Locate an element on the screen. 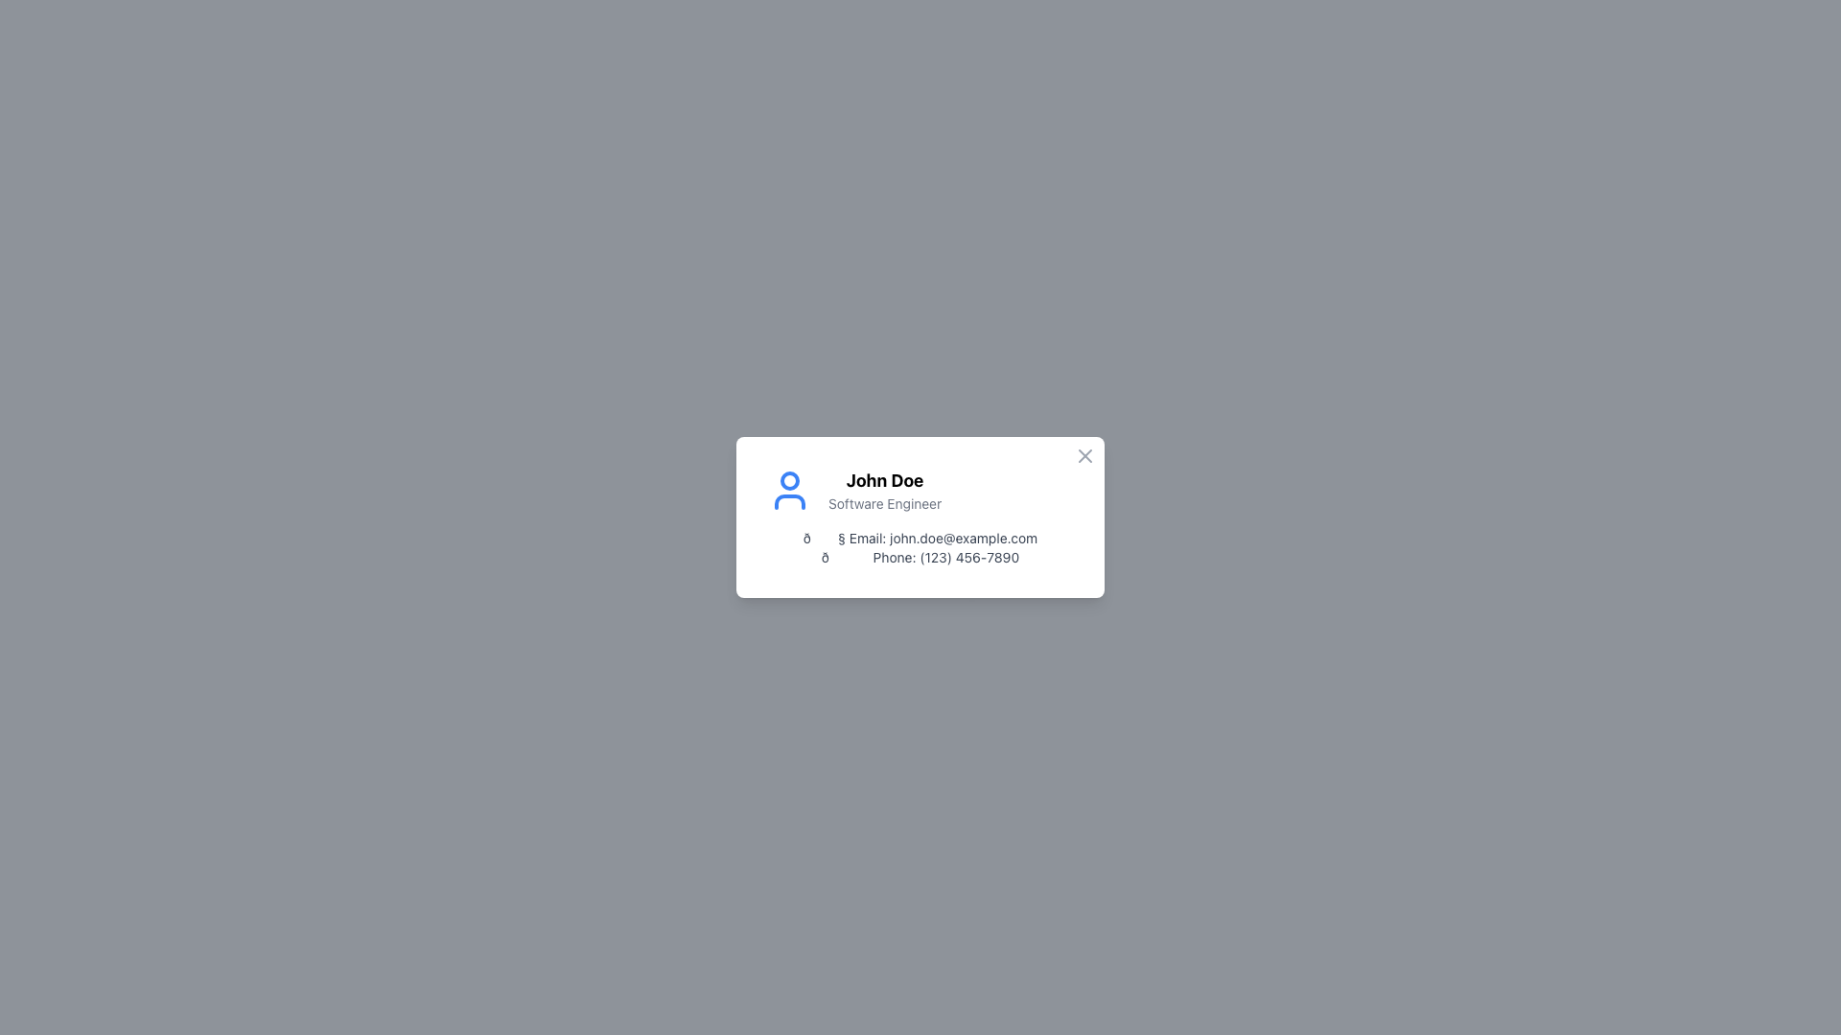 The height and width of the screenshot is (1035, 1841). the text label displaying 'Software Engineer', which is styled in gray and positioned beneath 'John Doe' in the upper section of a card layout is located at coordinates (884, 502).